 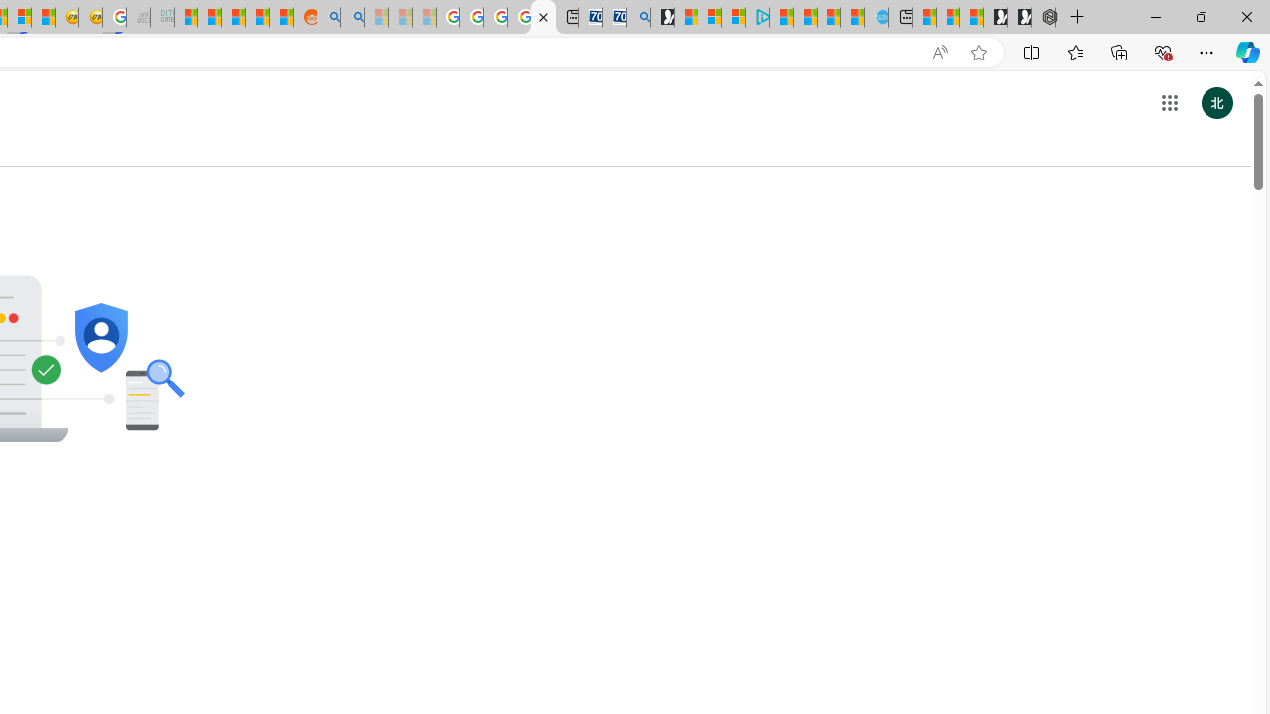 I want to click on 'Bing Real Estate - Home sales and rental listings', so click(x=638, y=17).